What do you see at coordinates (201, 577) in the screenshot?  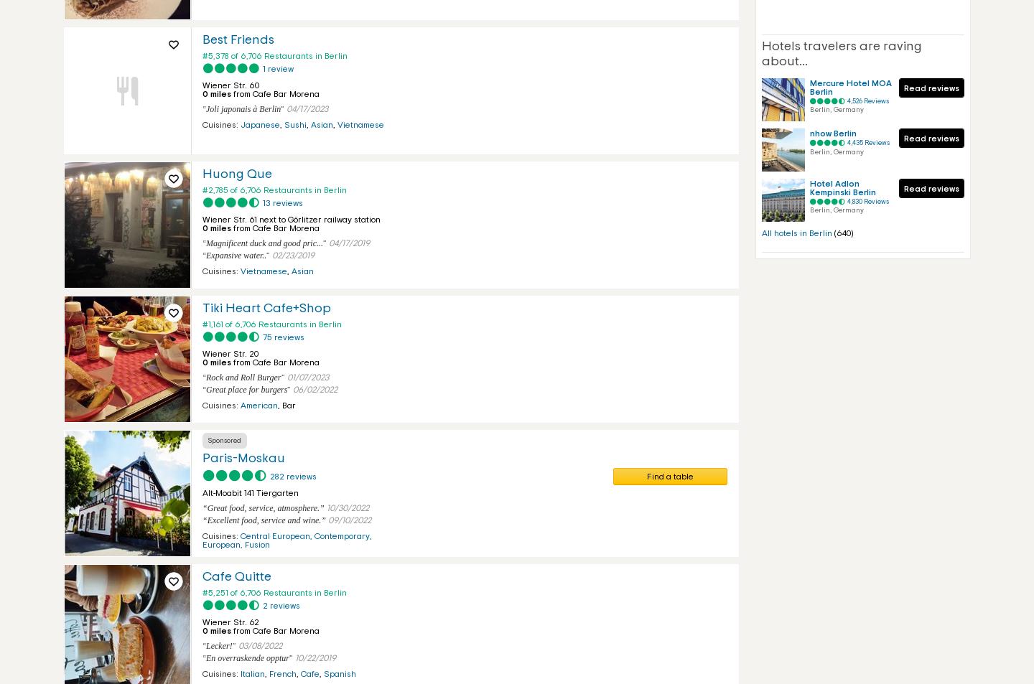 I see `'Cafe Quitte'` at bounding box center [201, 577].